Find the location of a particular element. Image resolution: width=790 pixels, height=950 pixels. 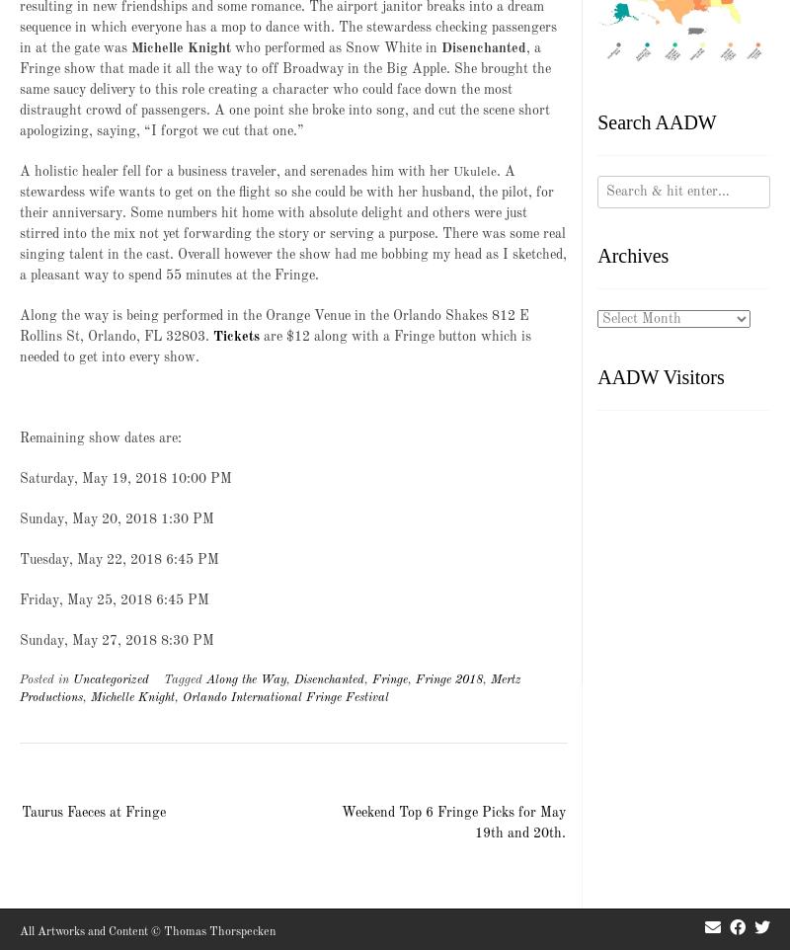

'10:00  PM' is located at coordinates (201, 476).